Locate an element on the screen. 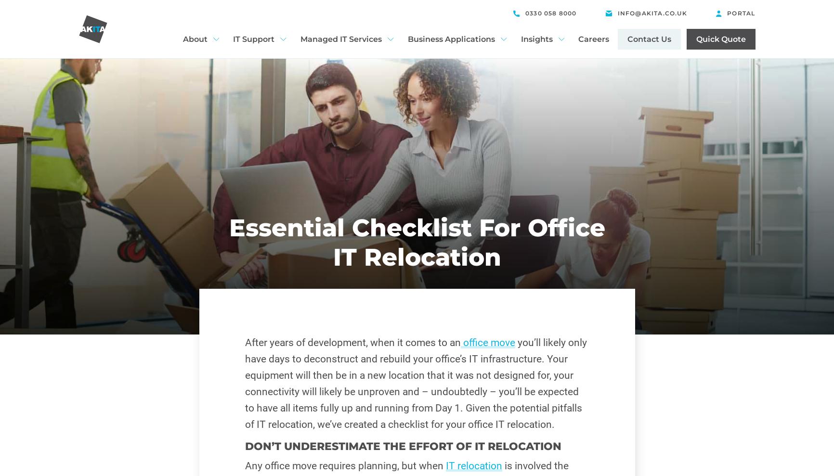  'office move' is located at coordinates (487, 342).